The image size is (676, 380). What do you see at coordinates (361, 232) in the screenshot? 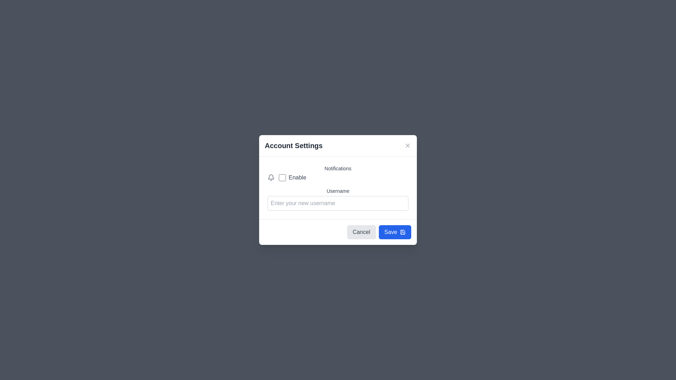
I see `the 'Cancel' button with gray text and a light gray background, located to the left of the 'Save' button in the bottom-right of the 'Account Settings' modal dialog` at bounding box center [361, 232].